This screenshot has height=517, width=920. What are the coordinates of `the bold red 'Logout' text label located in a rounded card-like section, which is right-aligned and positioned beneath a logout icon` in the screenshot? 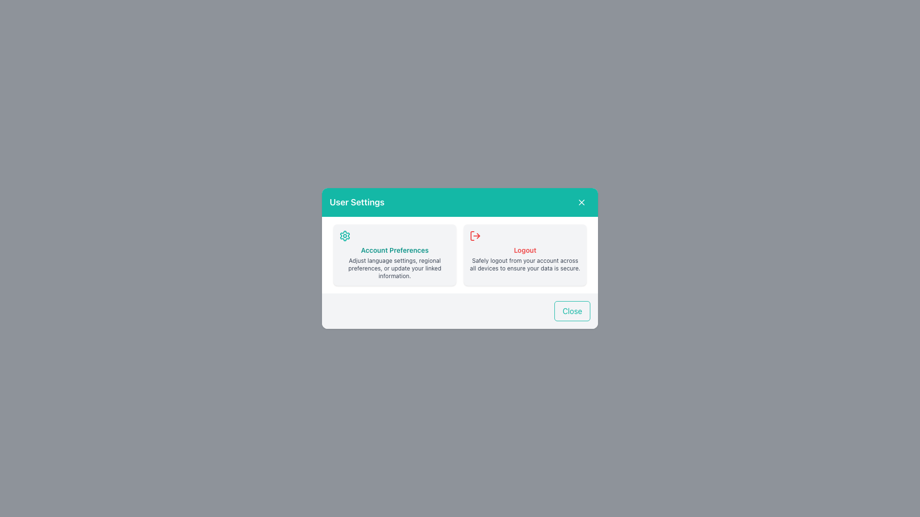 It's located at (524, 250).